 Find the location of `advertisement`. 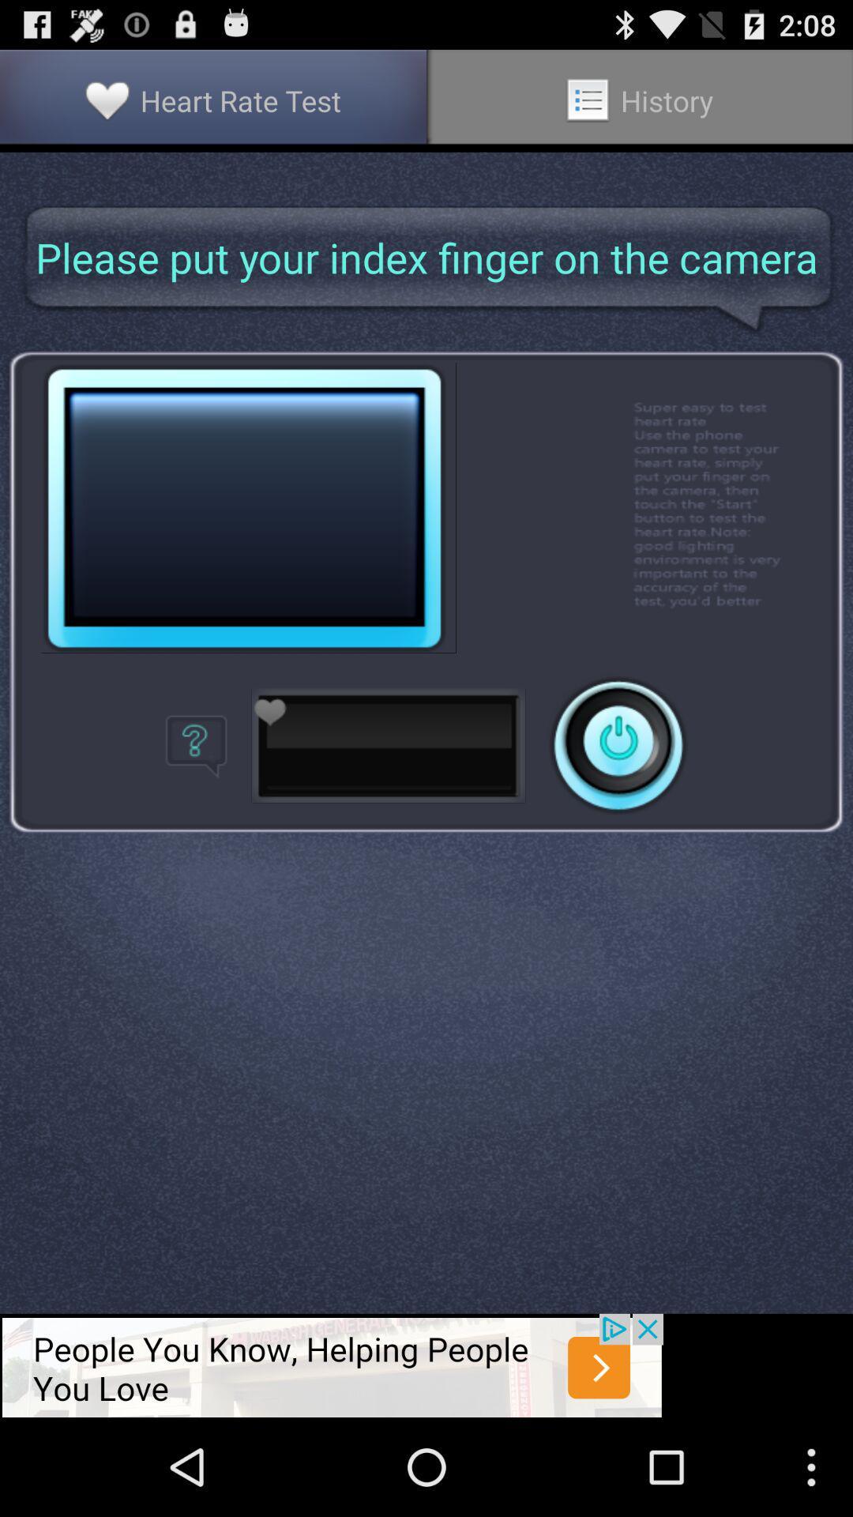

advertisement is located at coordinates (331, 1365).